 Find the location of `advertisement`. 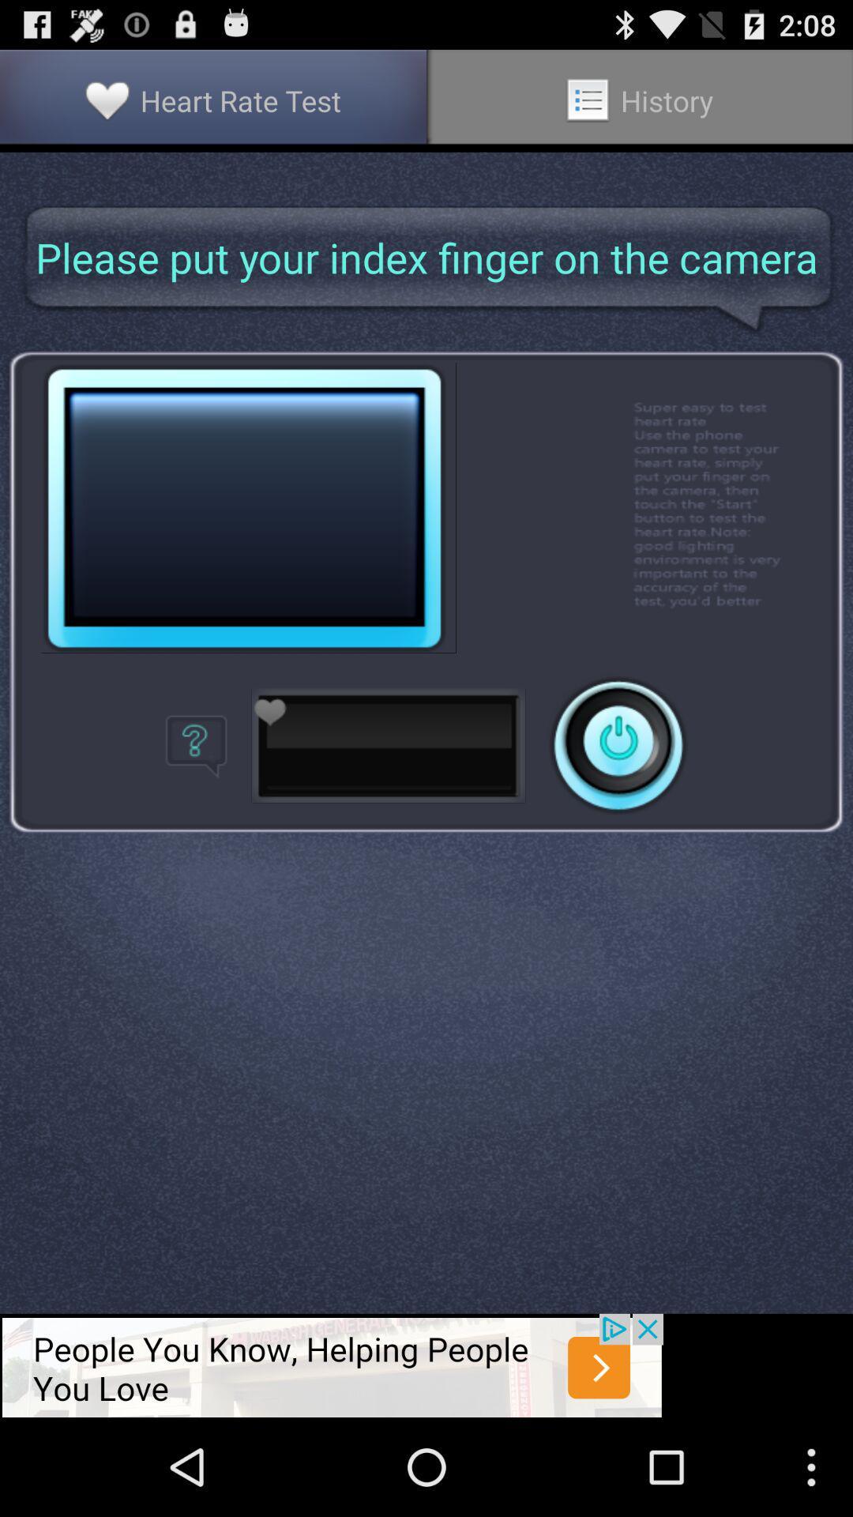

advertisement is located at coordinates (331, 1365).